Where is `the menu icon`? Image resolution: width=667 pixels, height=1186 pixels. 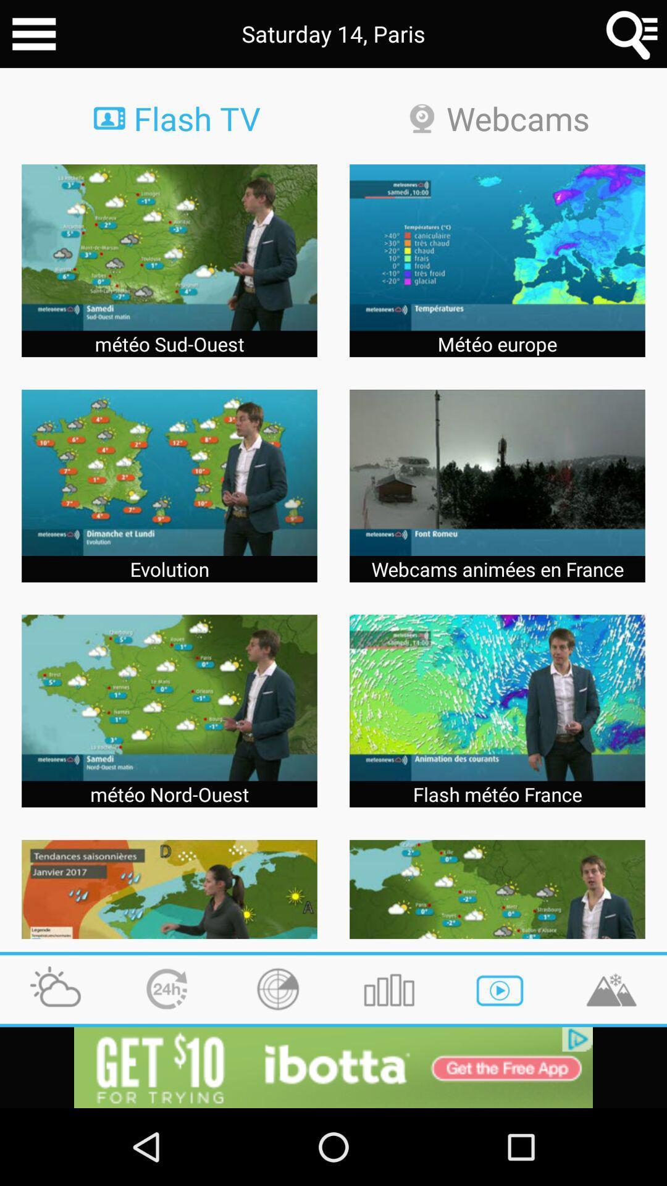 the menu icon is located at coordinates (33, 36).